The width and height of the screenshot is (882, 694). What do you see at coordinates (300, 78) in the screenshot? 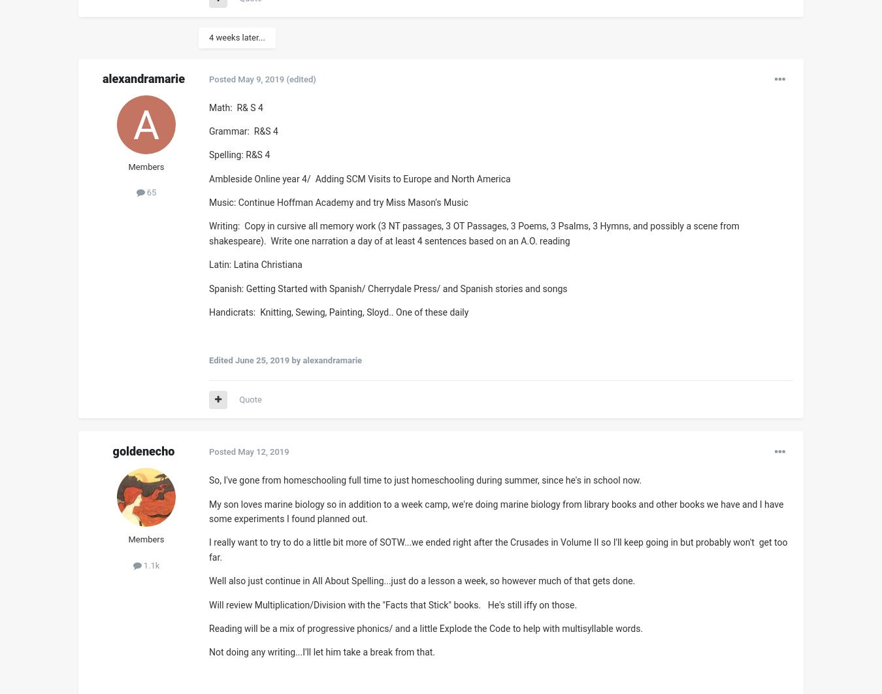
I see `'(edited)'` at bounding box center [300, 78].